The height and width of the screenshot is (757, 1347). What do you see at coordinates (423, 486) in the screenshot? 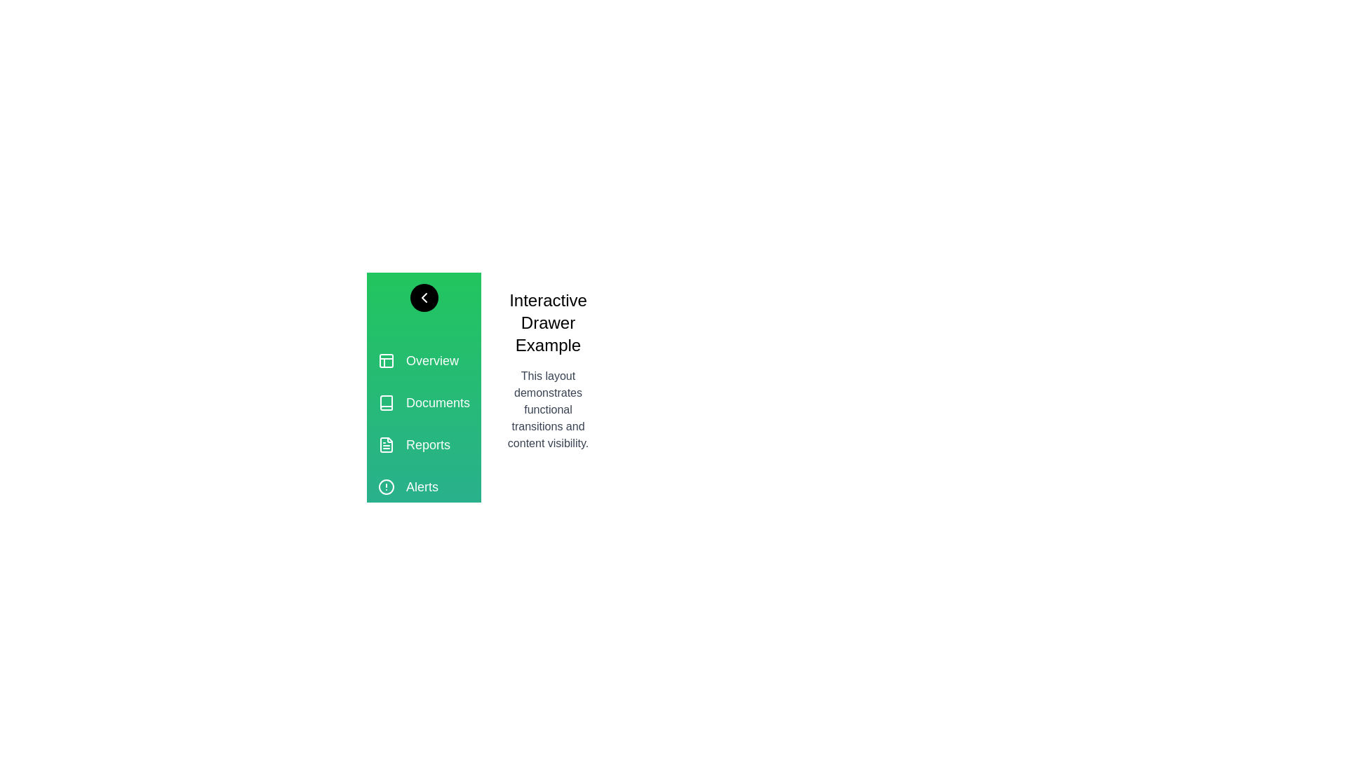
I see `the section Alerts to observe the hover effect` at bounding box center [423, 486].